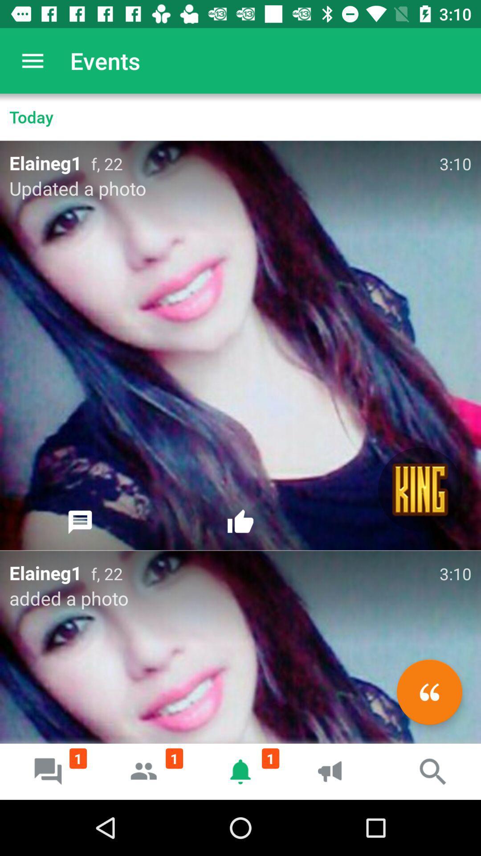 This screenshot has height=856, width=481. I want to click on like button, so click(240, 522).